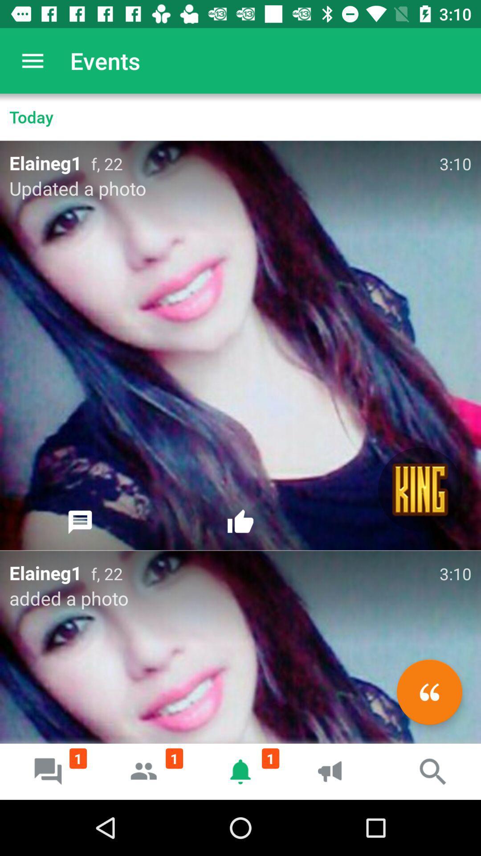 This screenshot has height=856, width=481. I want to click on like button, so click(240, 522).